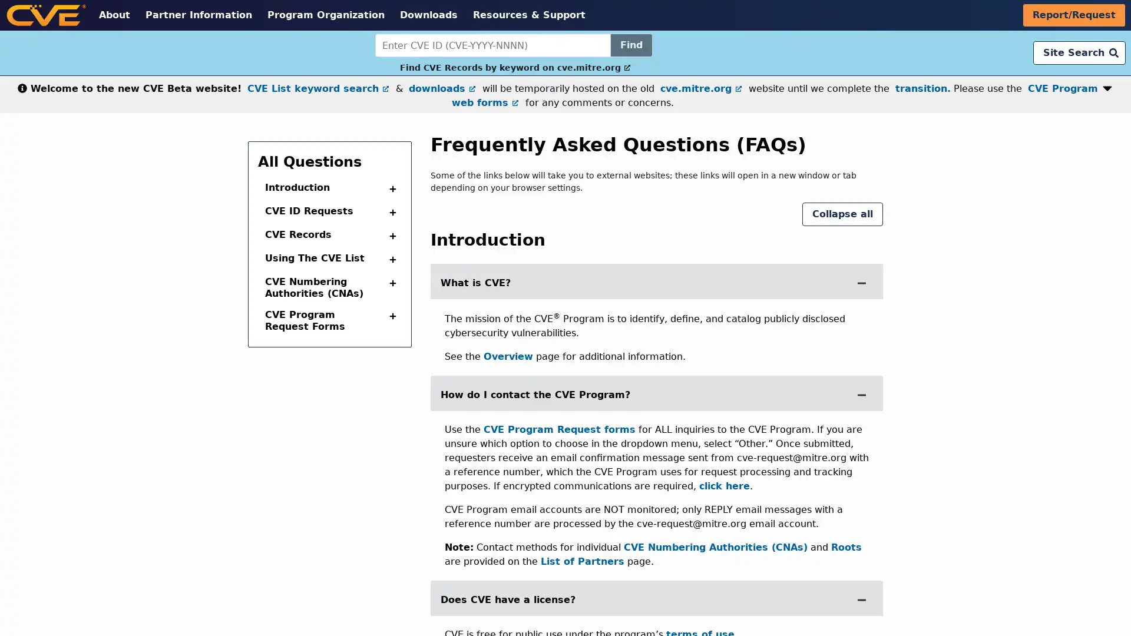 Image resolution: width=1131 pixels, height=636 pixels. What do you see at coordinates (390, 315) in the screenshot?
I see `expand` at bounding box center [390, 315].